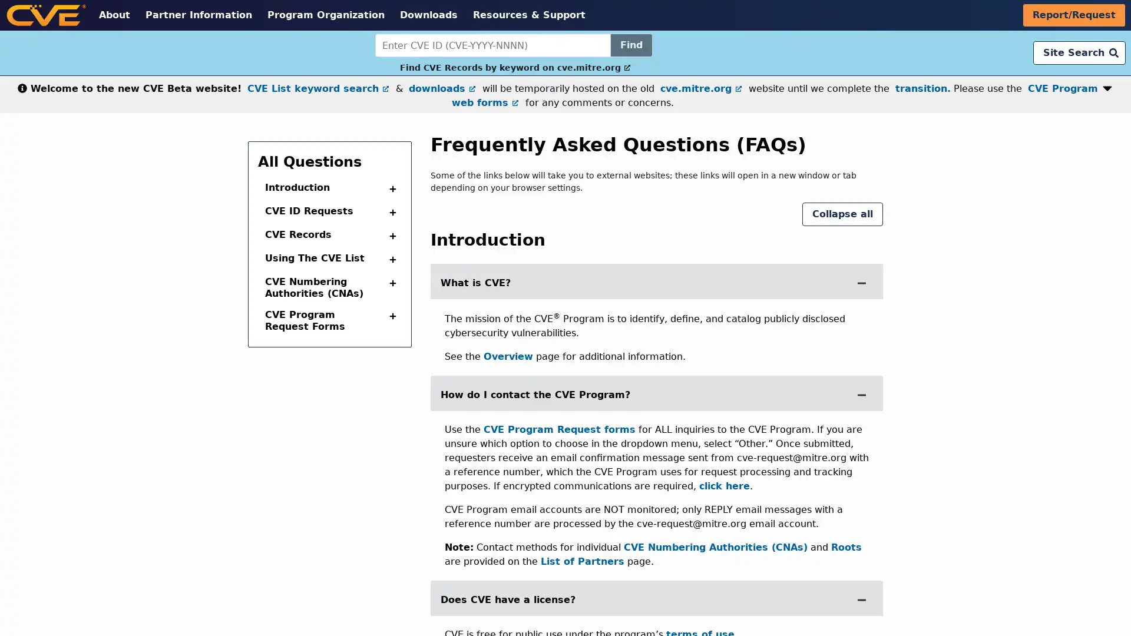 Image resolution: width=1131 pixels, height=636 pixels. What do you see at coordinates (390, 315) in the screenshot?
I see `expand` at bounding box center [390, 315].